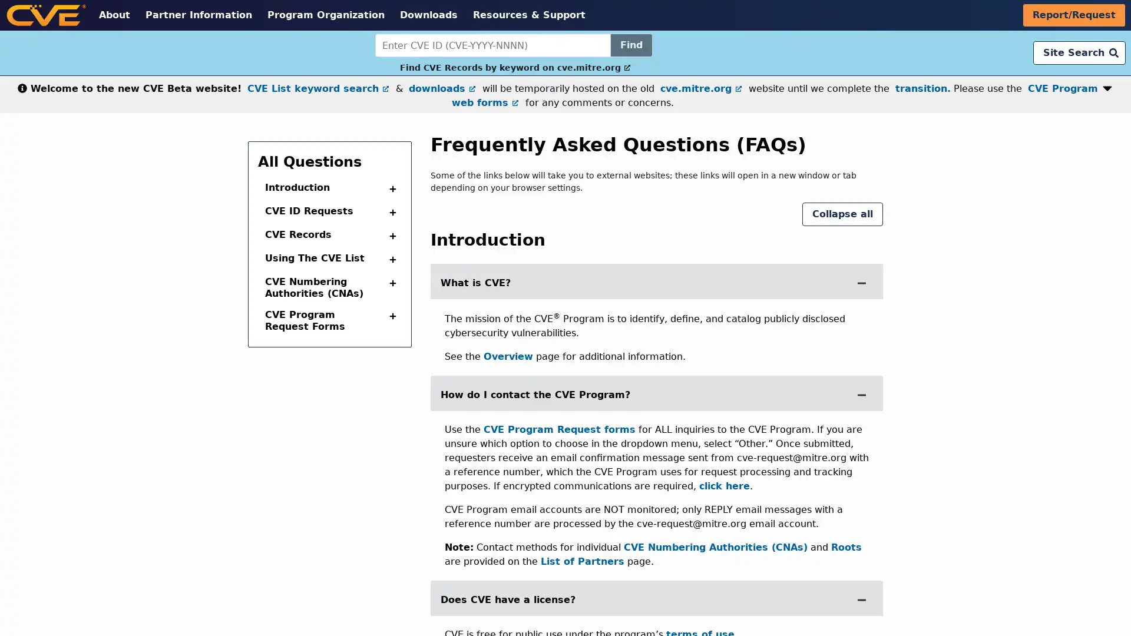 Image resolution: width=1131 pixels, height=636 pixels. What do you see at coordinates (390, 315) in the screenshot?
I see `expand` at bounding box center [390, 315].